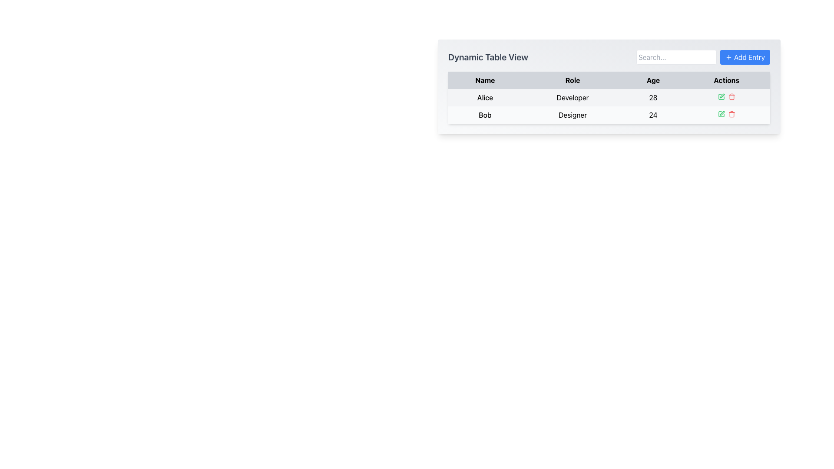  What do you see at coordinates (731, 114) in the screenshot?
I see `the trash can icon in the 'Actions' column under the 'Designer' row, which is visually represented by a rectangular shape with rounded edges` at bounding box center [731, 114].